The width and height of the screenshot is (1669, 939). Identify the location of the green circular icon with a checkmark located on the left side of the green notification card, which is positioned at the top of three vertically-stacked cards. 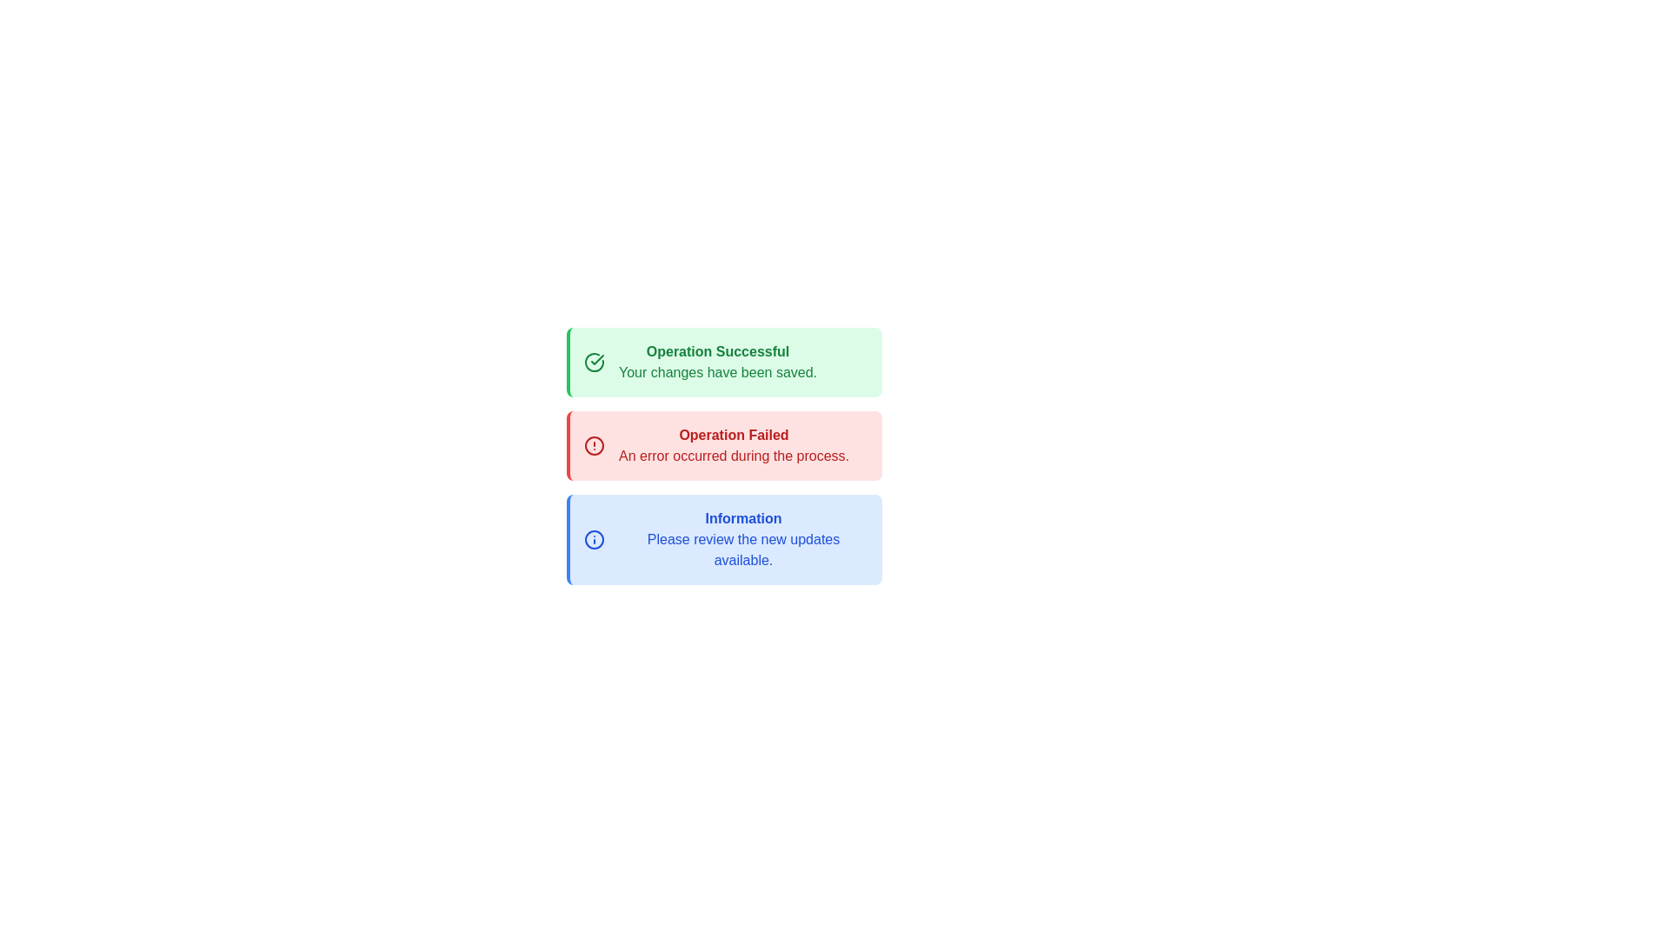
(595, 361).